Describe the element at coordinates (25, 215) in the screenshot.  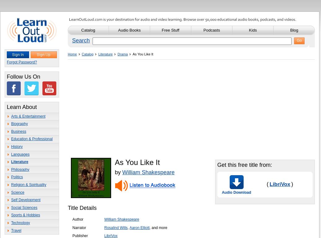
I see `'Sports & Hobbies'` at that location.